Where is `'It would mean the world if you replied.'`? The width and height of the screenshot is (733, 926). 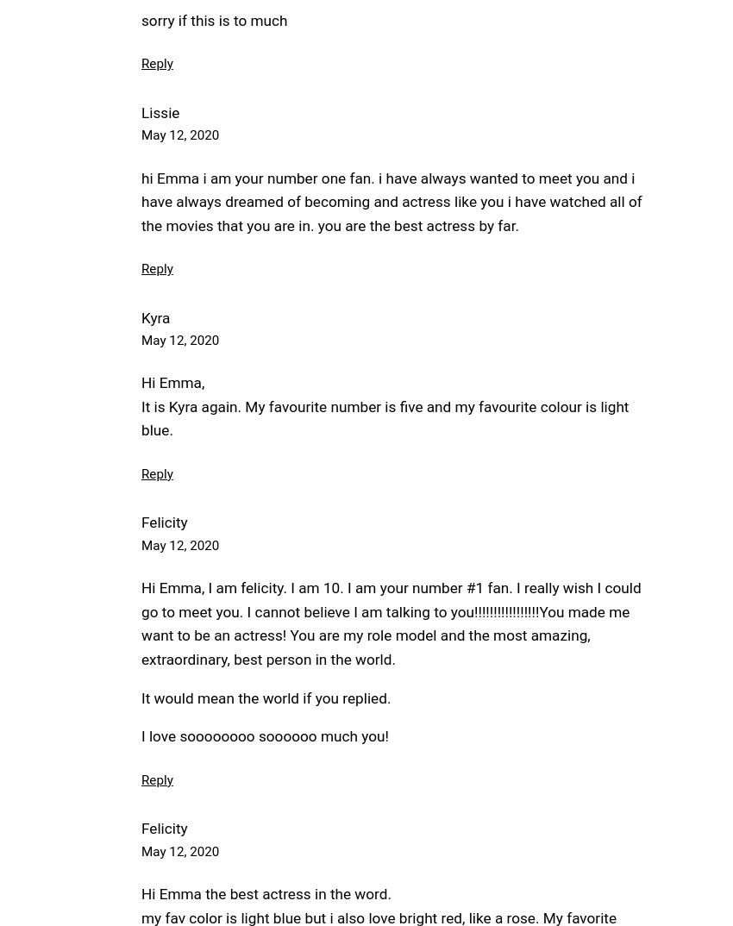 'It would mean the world if you replied.' is located at coordinates (141, 698).